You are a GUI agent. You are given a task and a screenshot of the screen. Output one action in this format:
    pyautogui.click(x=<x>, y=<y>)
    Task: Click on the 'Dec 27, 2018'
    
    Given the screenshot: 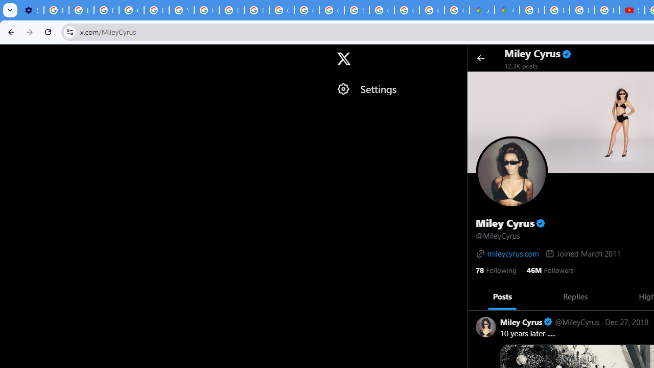 What is the action you would take?
    pyautogui.click(x=626, y=321)
    